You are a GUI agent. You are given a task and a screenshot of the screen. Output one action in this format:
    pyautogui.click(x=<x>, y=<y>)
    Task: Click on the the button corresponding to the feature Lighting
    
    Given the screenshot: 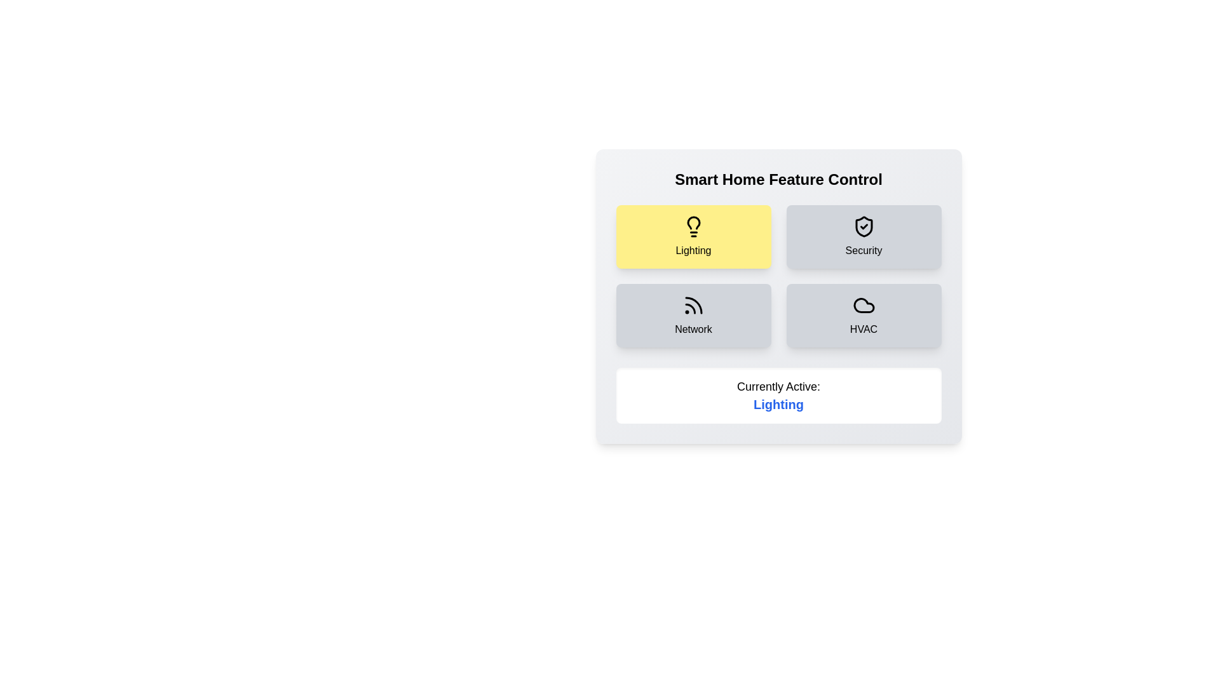 What is the action you would take?
    pyautogui.click(x=693, y=237)
    